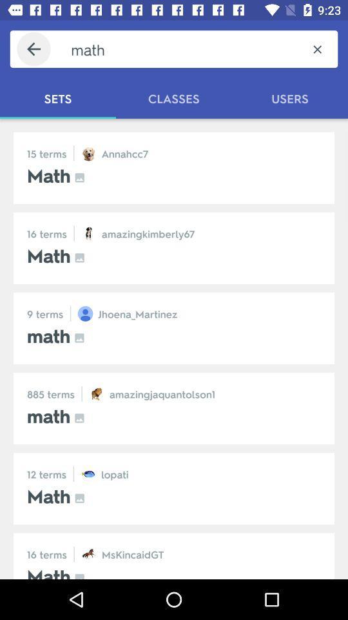  Describe the element at coordinates (34, 49) in the screenshot. I see `the icon next to the math icon` at that location.